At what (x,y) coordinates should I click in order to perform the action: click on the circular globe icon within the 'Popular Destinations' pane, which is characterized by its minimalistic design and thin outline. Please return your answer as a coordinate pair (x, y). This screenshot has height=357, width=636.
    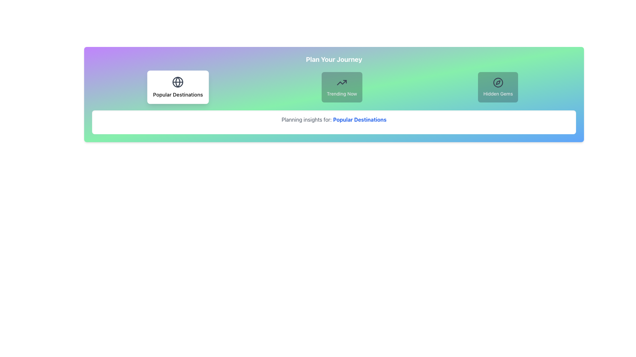
    Looking at the image, I should click on (178, 82).